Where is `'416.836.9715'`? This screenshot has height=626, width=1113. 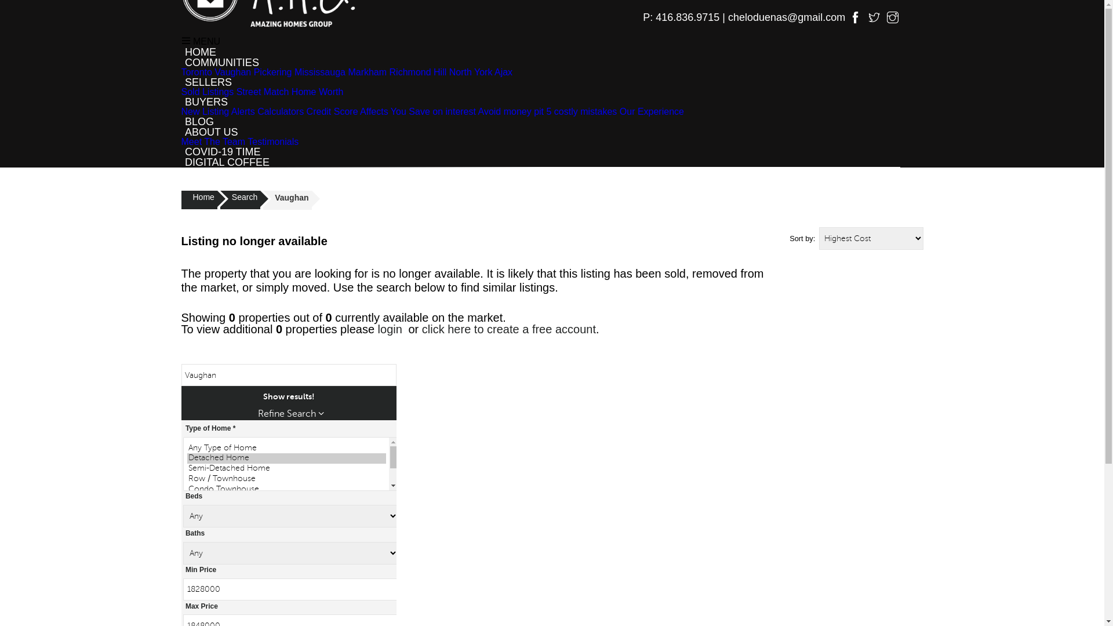
'416.836.9715' is located at coordinates (687, 17).